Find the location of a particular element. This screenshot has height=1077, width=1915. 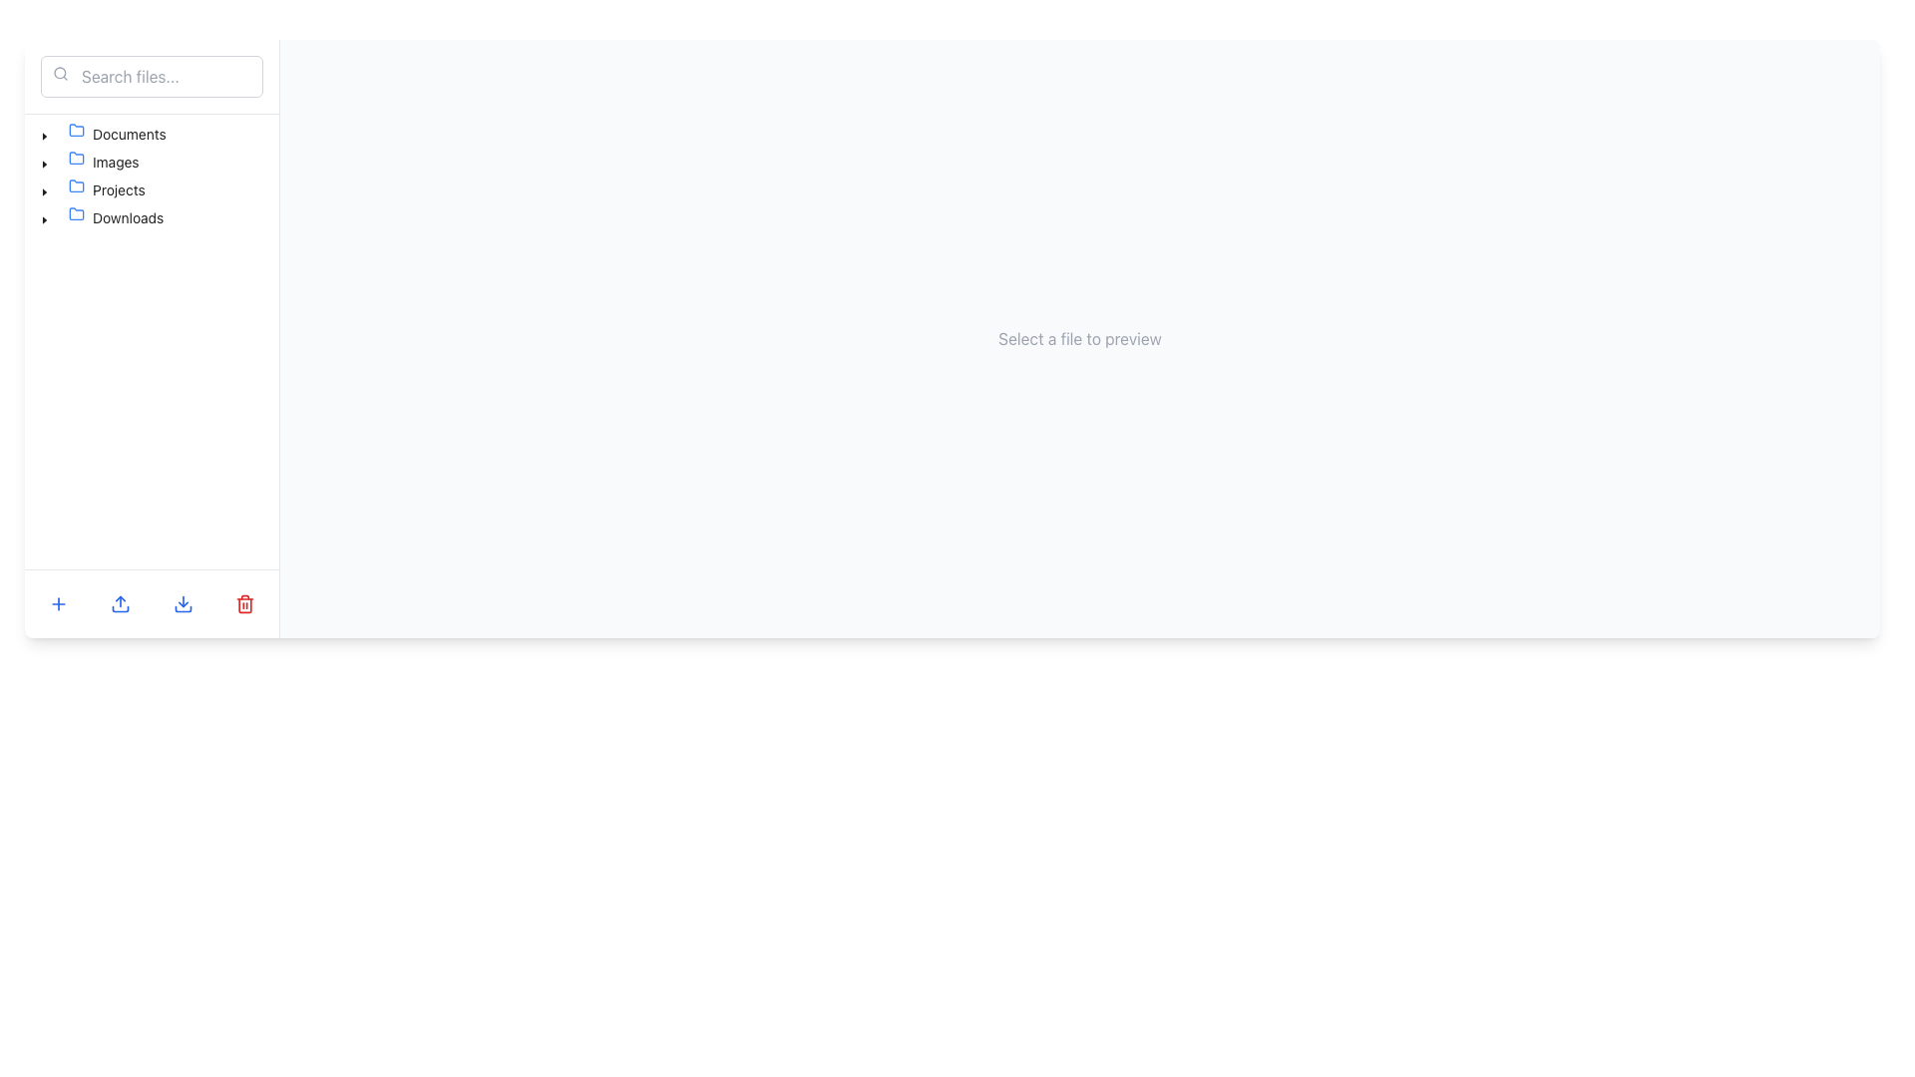

the 'Images' text label in the left-side navigation pane is located at coordinates (115, 161).